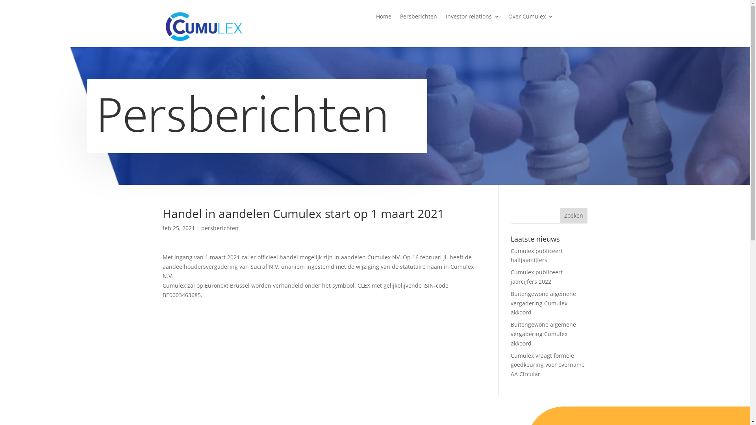  Describe the element at coordinates (384, 18) in the screenshot. I see `'Home'` at that location.